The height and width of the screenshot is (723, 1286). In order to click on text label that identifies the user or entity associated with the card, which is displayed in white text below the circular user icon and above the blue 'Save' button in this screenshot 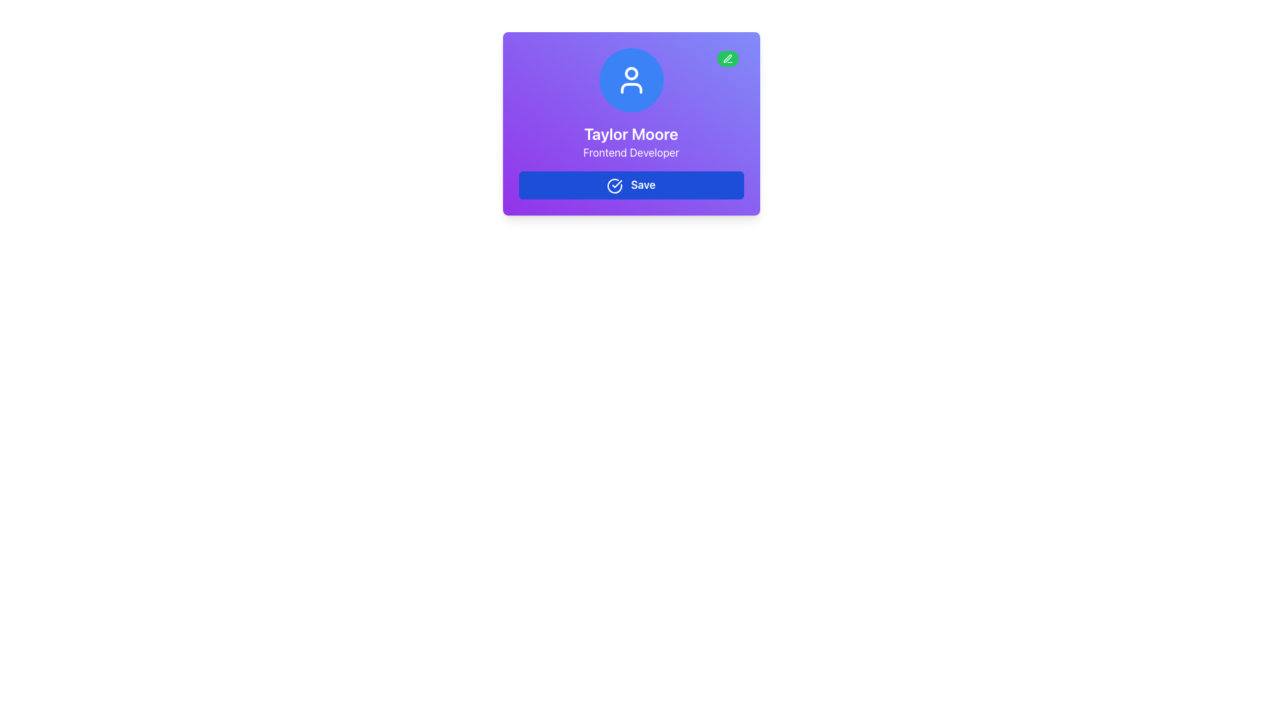, I will do `click(630, 142)`.